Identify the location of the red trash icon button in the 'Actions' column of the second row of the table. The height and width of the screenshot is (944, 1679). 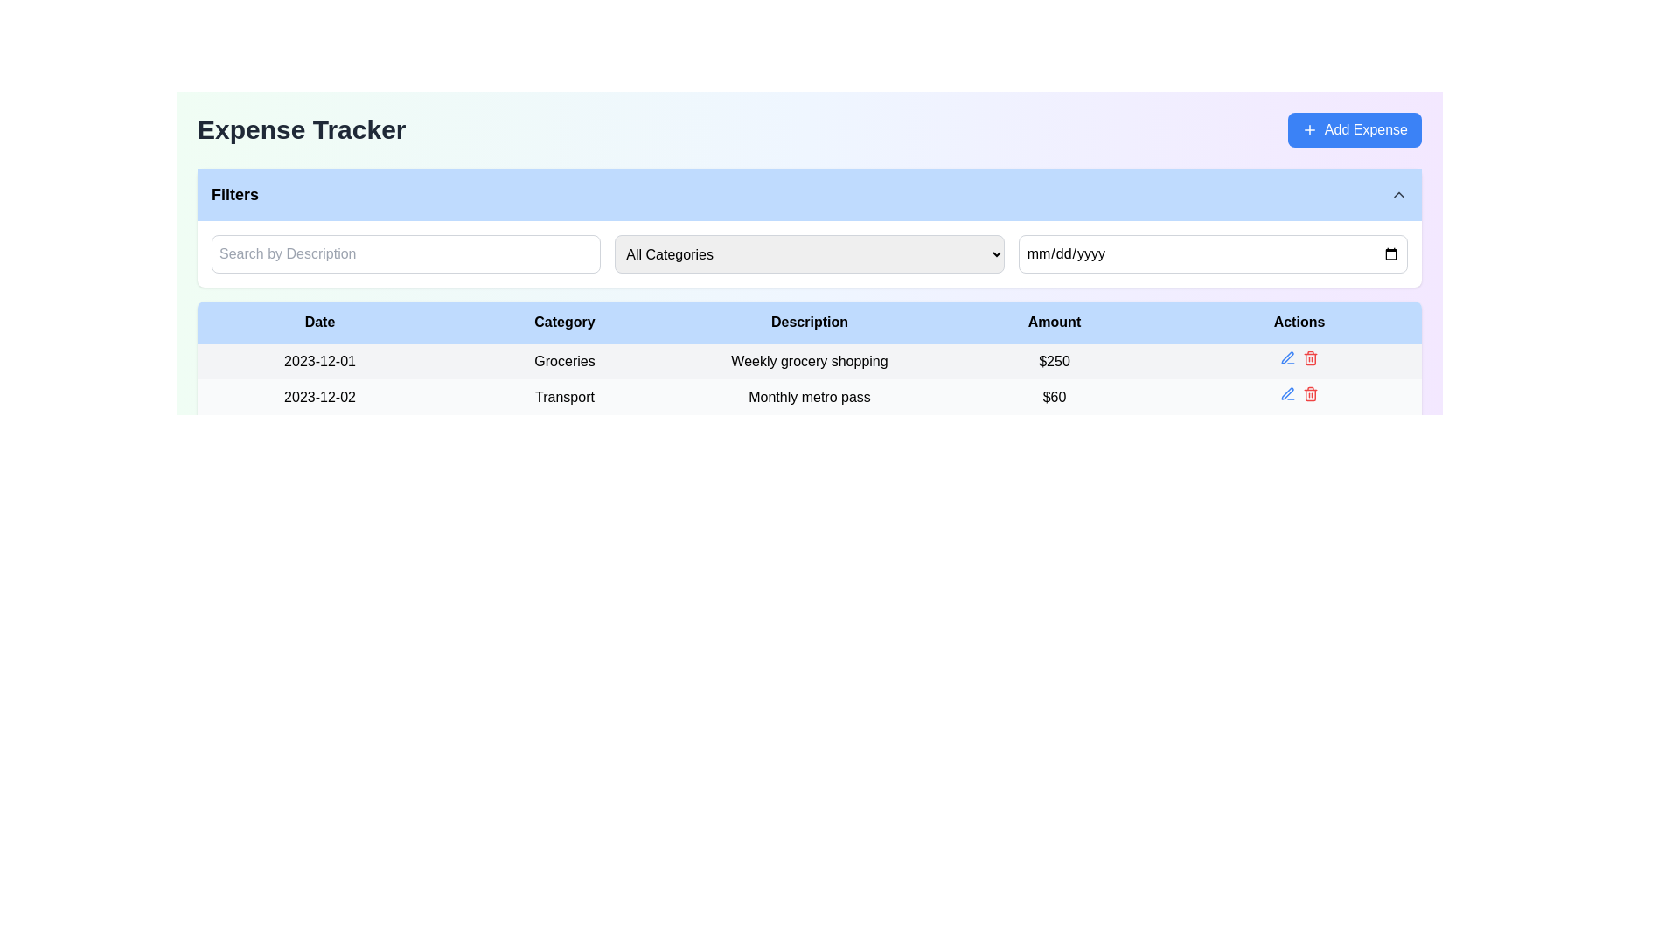
(1310, 357).